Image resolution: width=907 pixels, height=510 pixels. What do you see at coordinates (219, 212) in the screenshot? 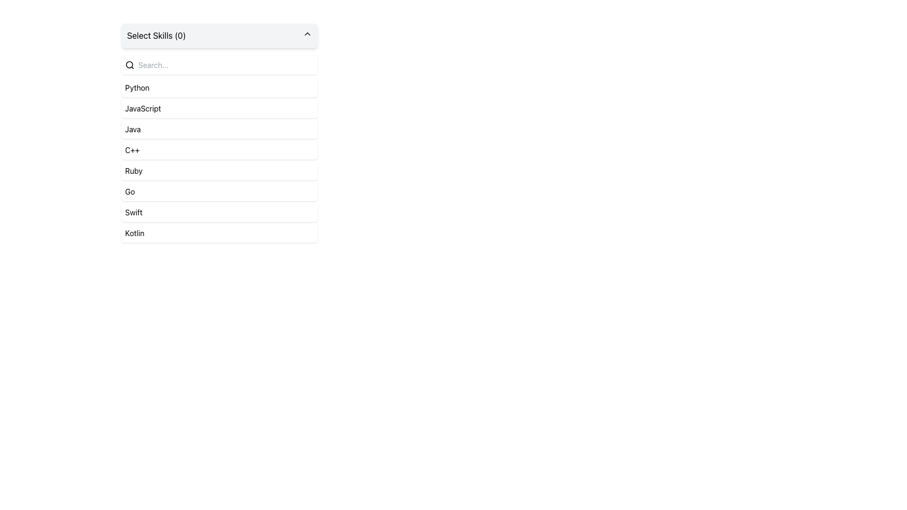
I see `the seventh item in the selectable list, which is located just above the 'Kotlin' entry` at bounding box center [219, 212].